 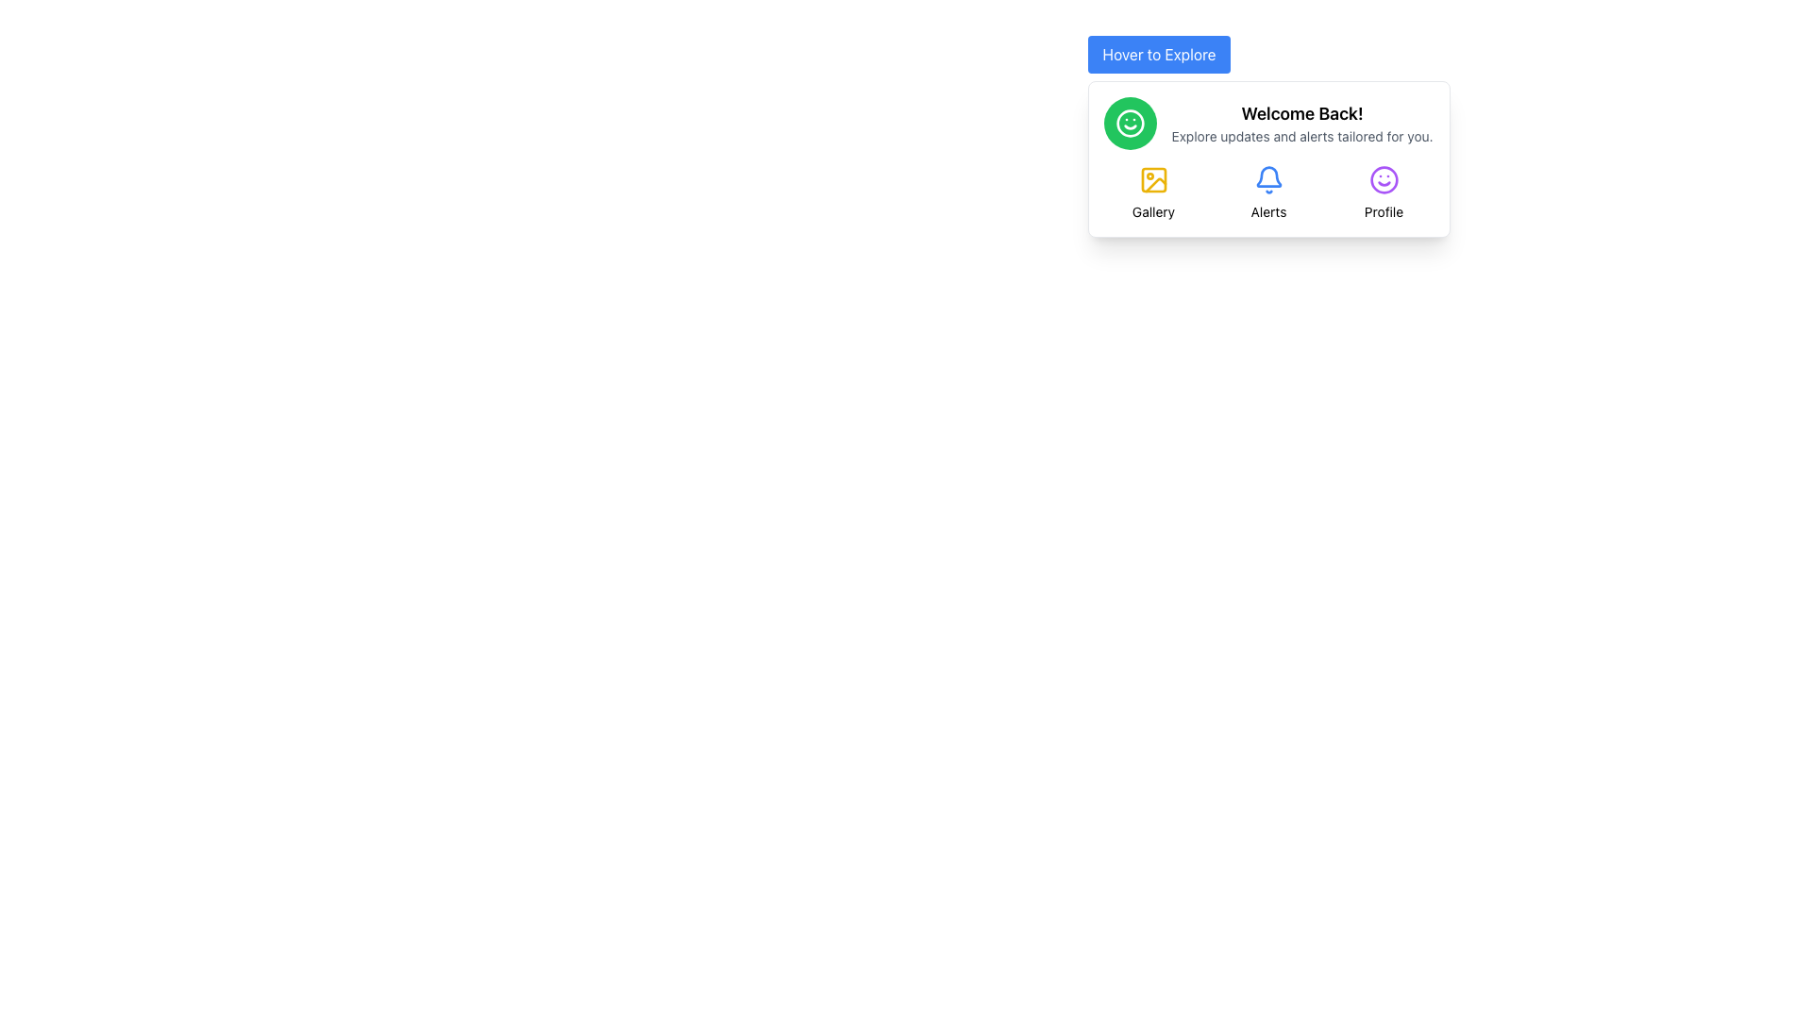 What do you see at coordinates (1152, 211) in the screenshot?
I see `text content of the 'Gallery' text label, which is a small font label located below a picture frame icon` at bounding box center [1152, 211].